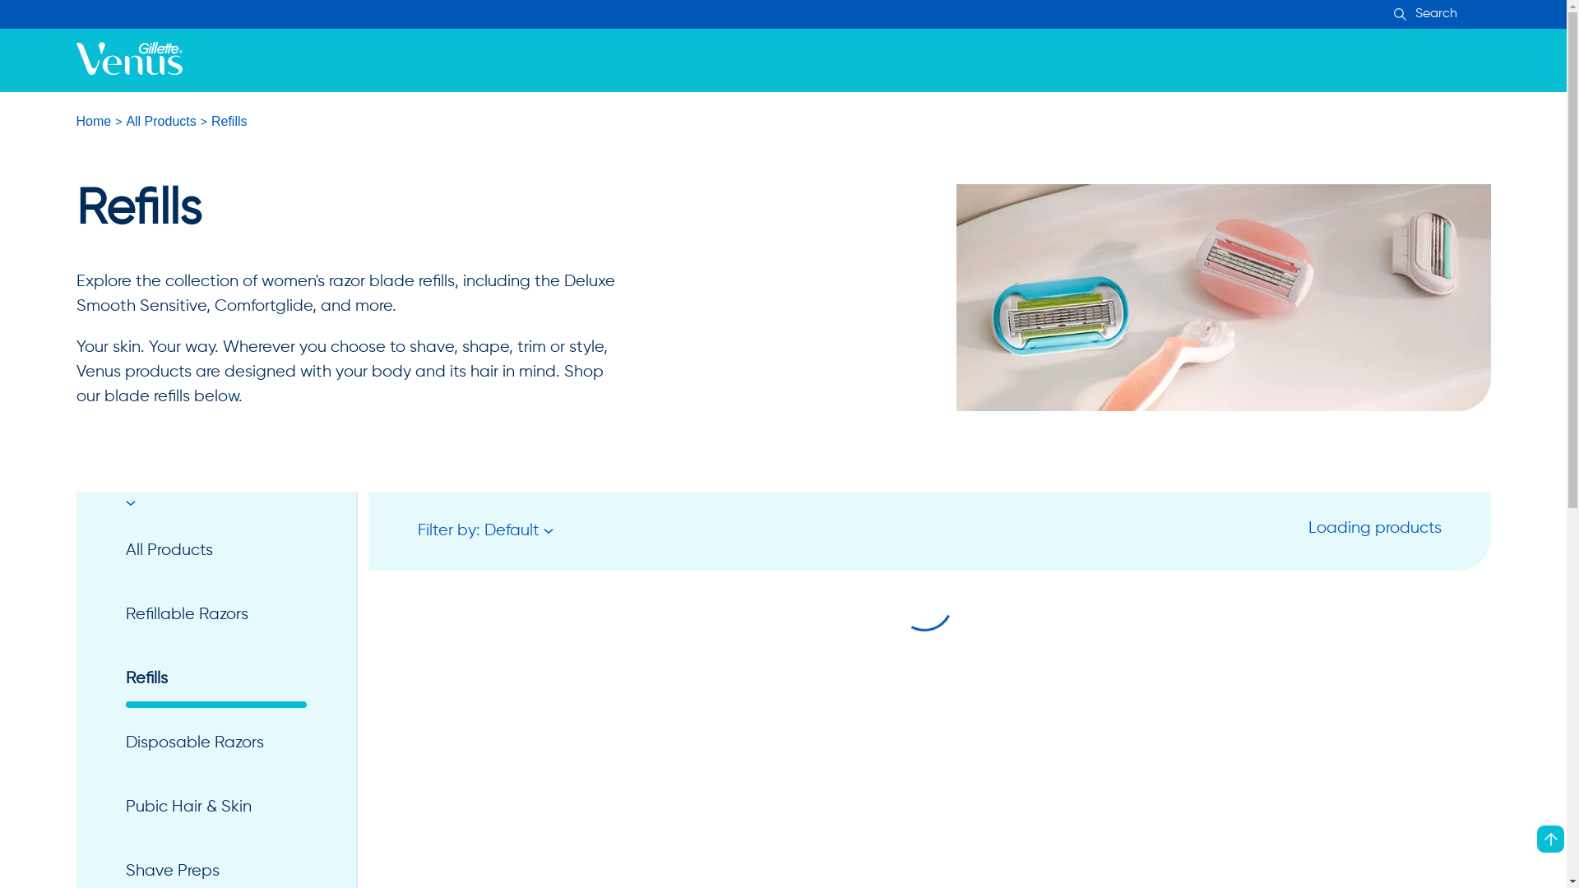 The height and width of the screenshot is (888, 1579). What do you see at coordinates (124, 742) in the screenshot?
I see `'Disposable Razors'` at bounding box center [124, 742].